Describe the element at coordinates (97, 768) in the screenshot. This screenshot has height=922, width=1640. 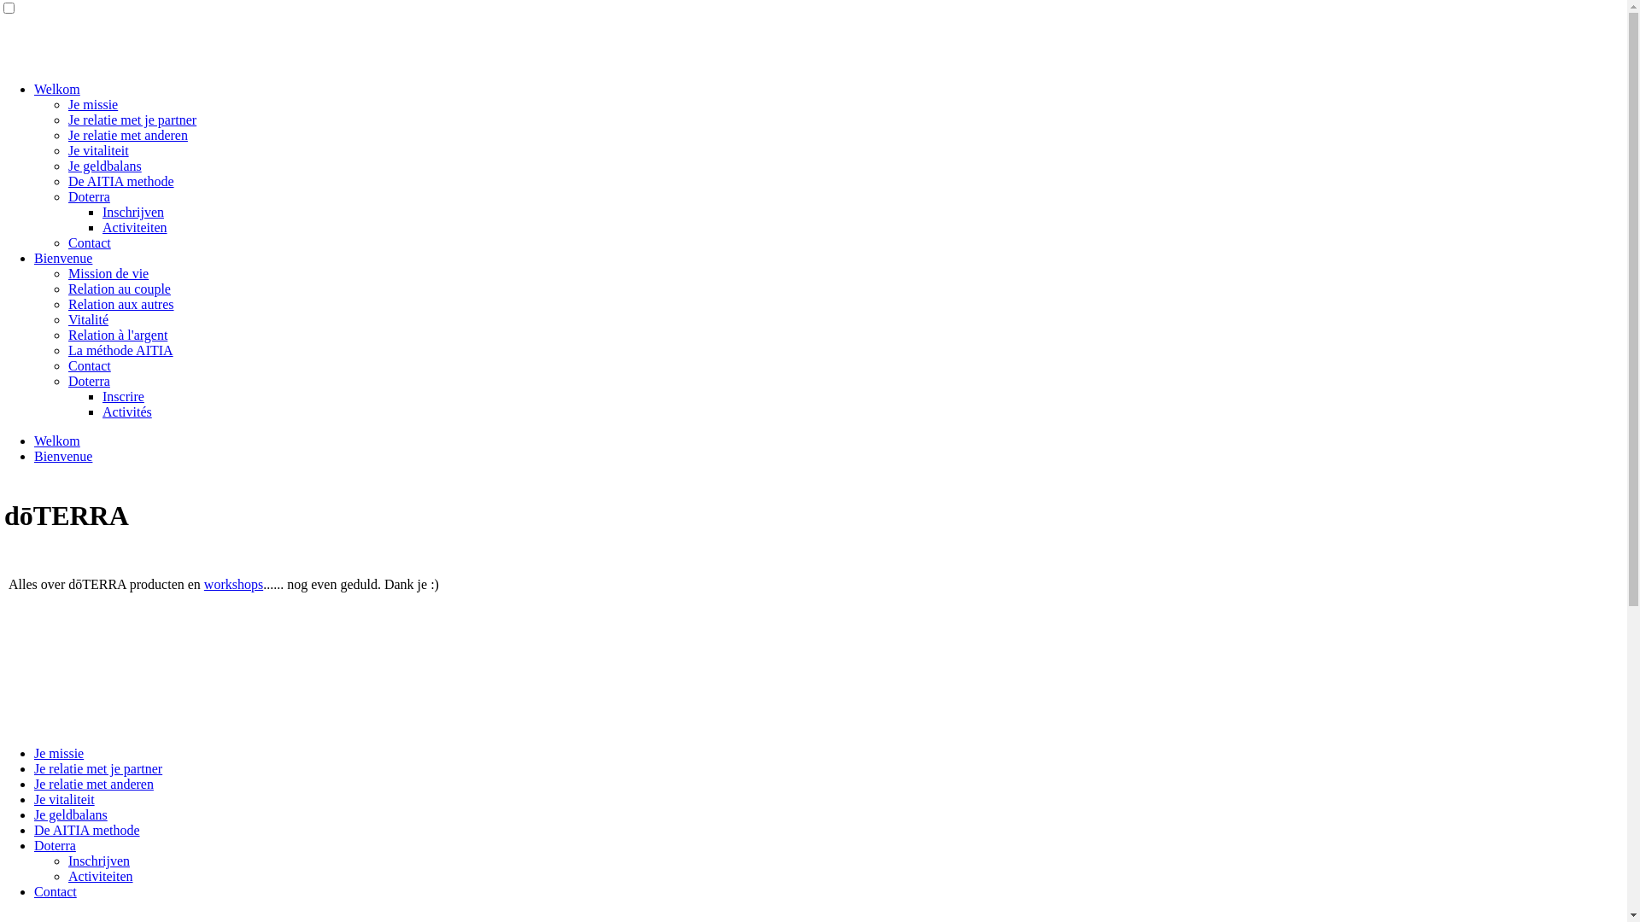
I see `'Je relatie met je partner'` at that location.